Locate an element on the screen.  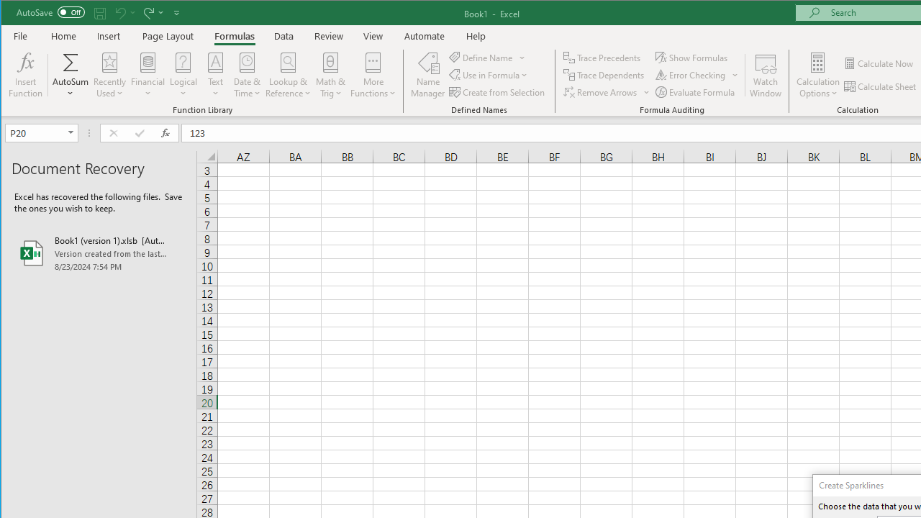
'Insert' is located at coordinates (108, 35).